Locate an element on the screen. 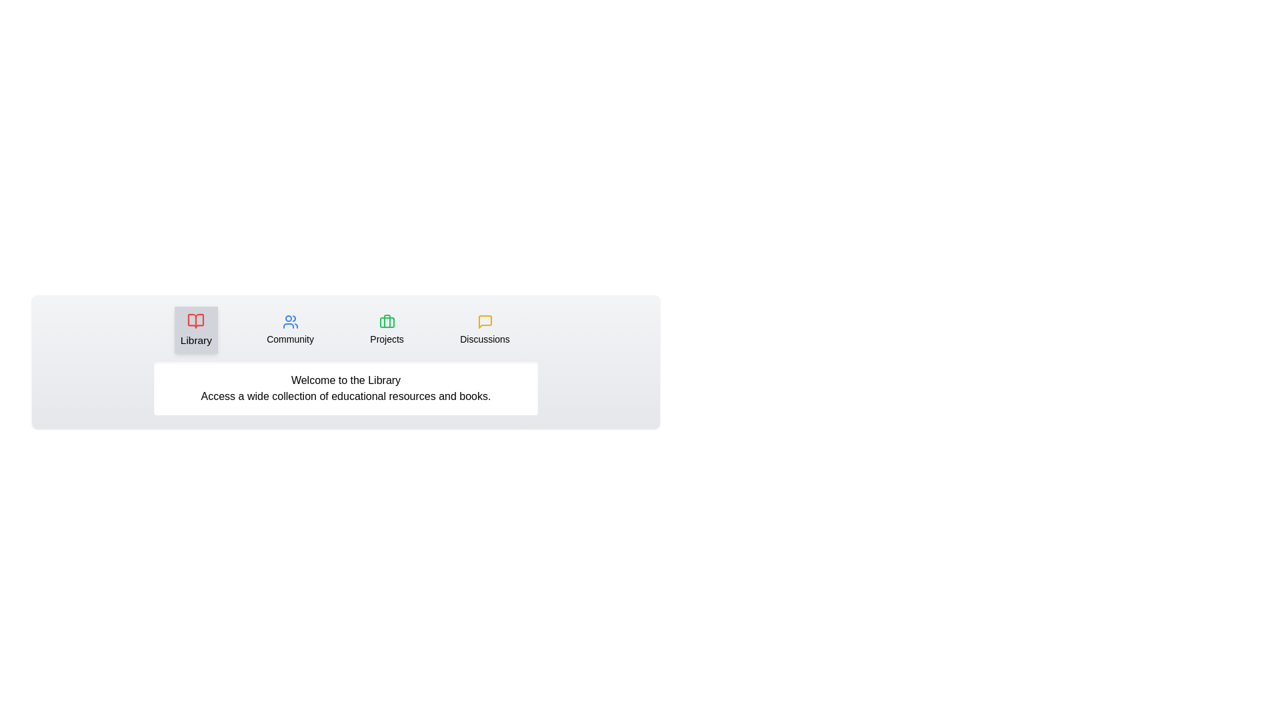 This screenshot has width=1280, height=720. the Informational Text Box that displays a welcome message and library offerings, located below the interactive sections labeled 'Library,' 'Community,' 'Projects,' and 'Discussions.' is located at coordinates (345, 388).